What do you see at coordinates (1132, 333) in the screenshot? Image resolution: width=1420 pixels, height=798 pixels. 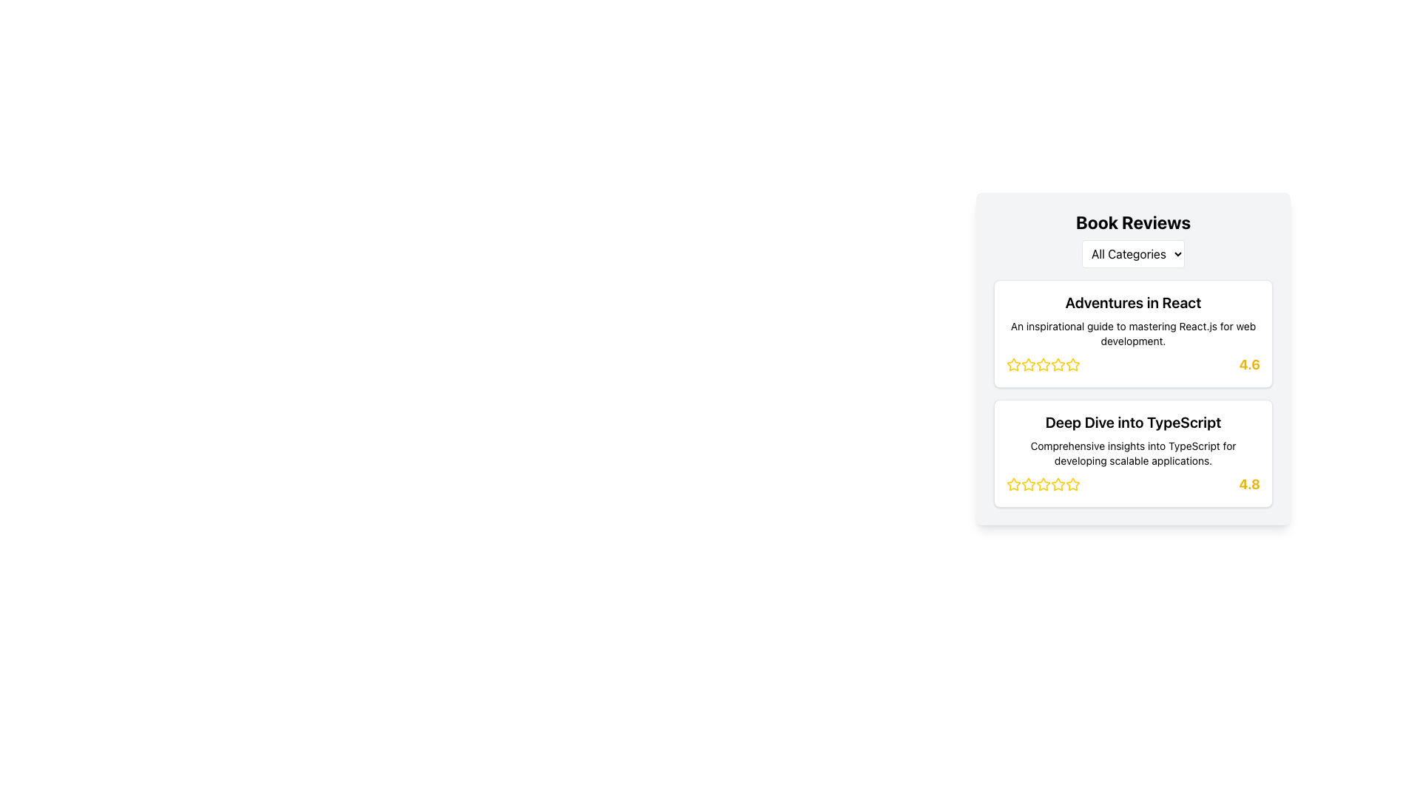 I see `text element that contains 'An inspirational guide to mastering React.js for web development.' located below the title 'Adventures in React.'` at bounding box center [1132, 333].